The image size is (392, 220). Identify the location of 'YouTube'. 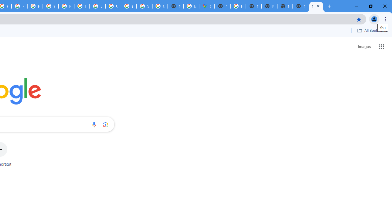
(51, 6).